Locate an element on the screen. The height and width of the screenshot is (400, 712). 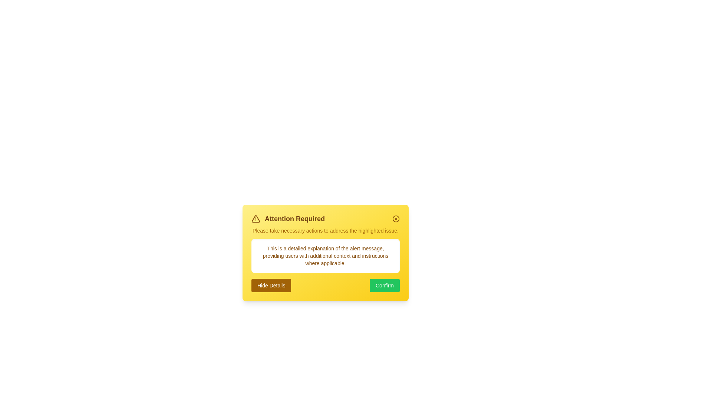
the 'Hide Details' button to toggle the visibility of the detailed explanation is located at coordinates (270, 285).